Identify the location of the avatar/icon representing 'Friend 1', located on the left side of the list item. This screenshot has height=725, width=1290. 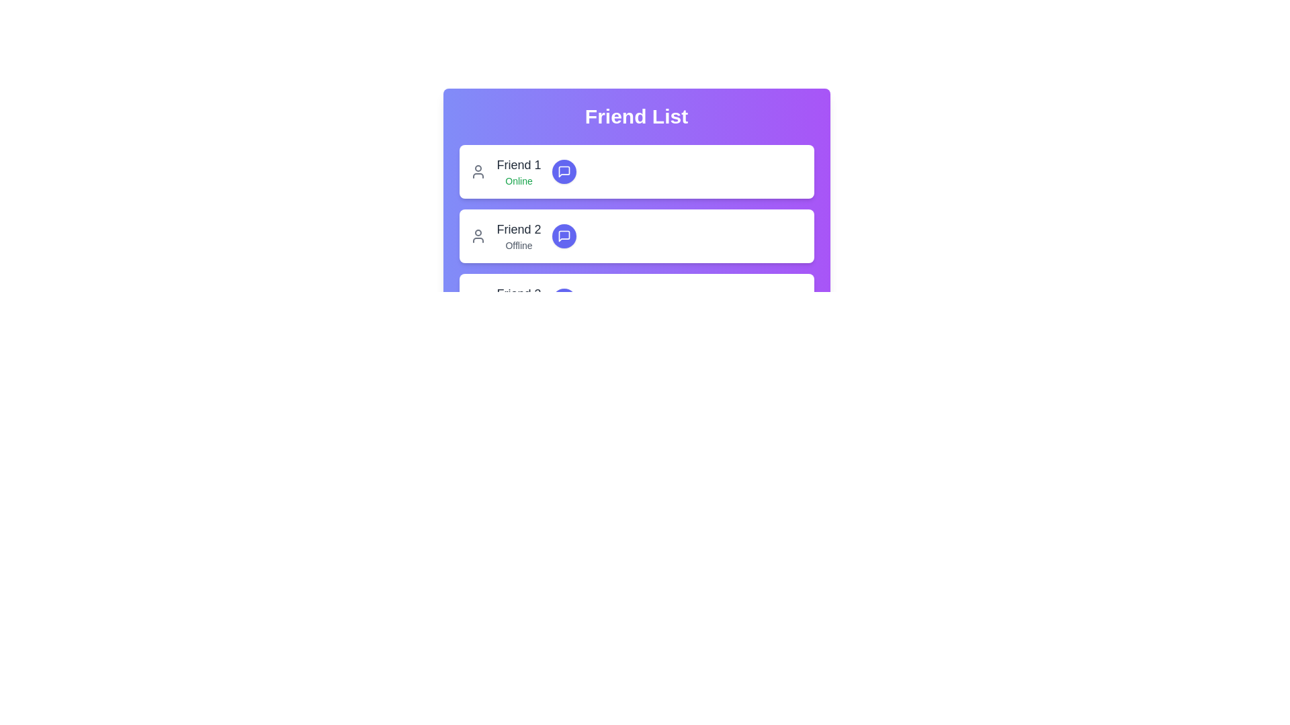
(478, 171).